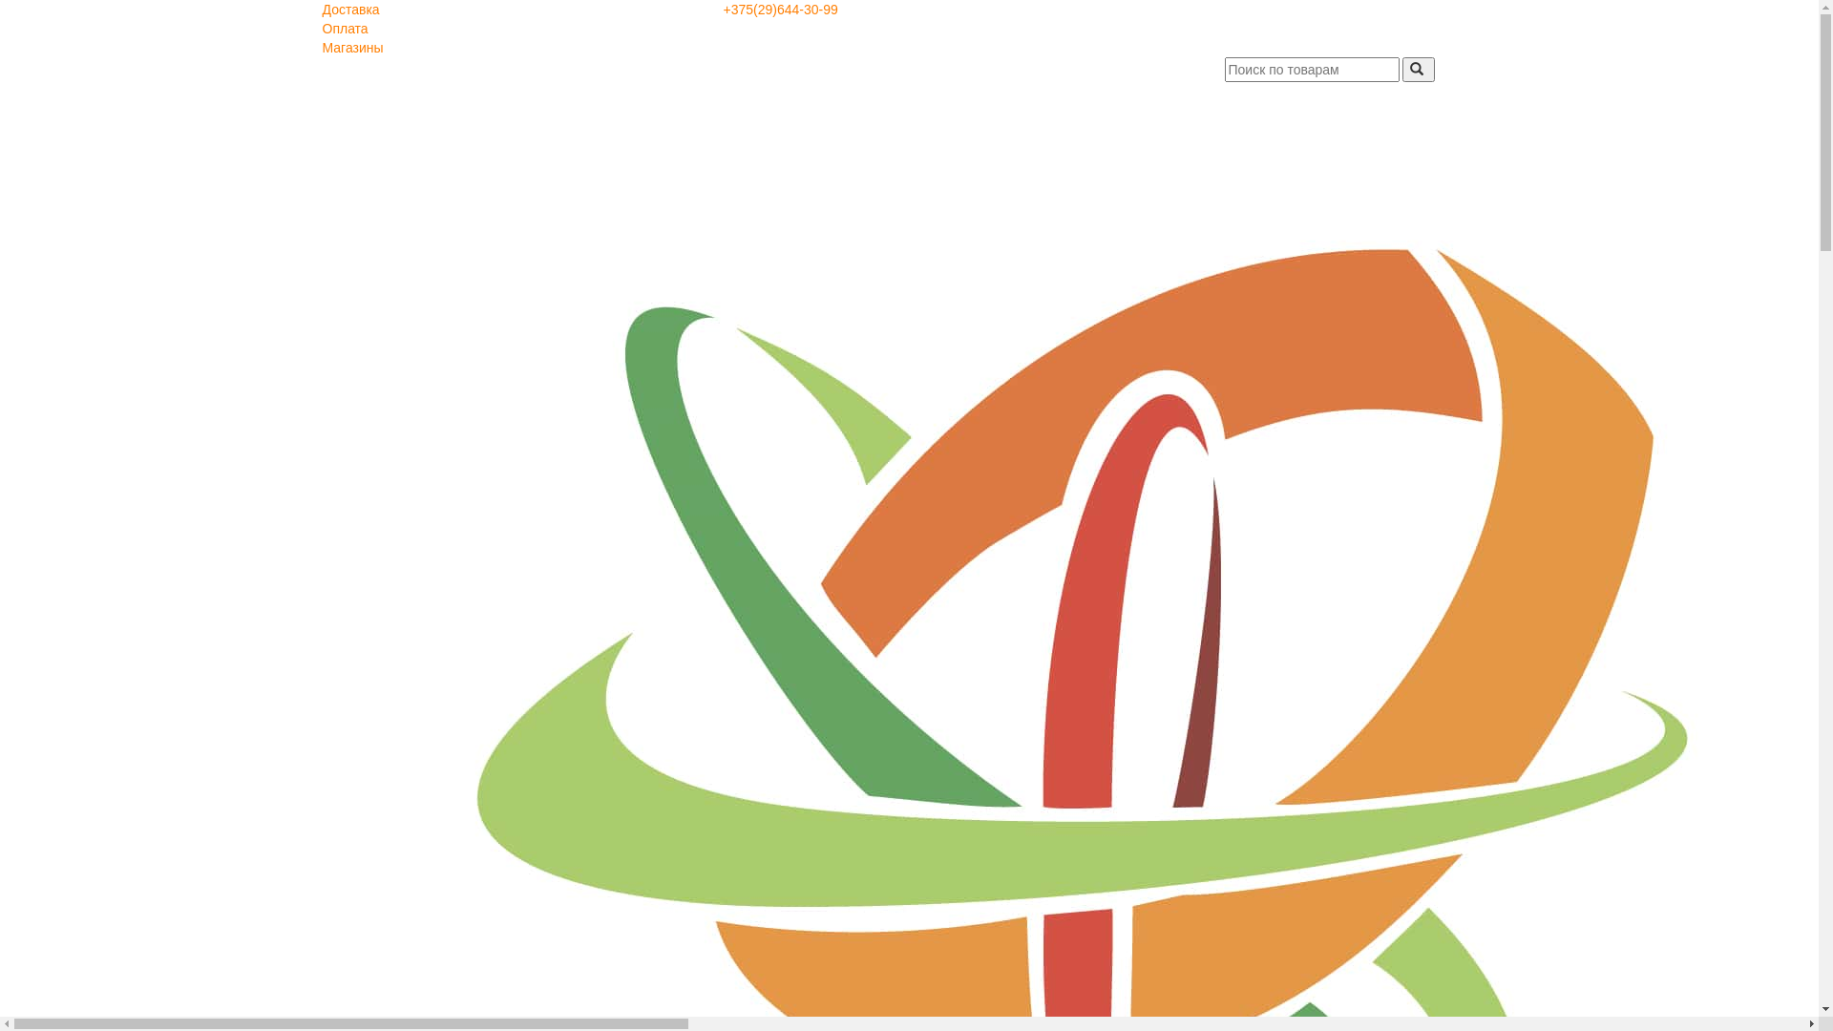 This screenshot has width=1833, height=1031. Describe the element at coordinates (780, 10) in the screenshot. I see `'+375(29)644-30-99'` at that location.